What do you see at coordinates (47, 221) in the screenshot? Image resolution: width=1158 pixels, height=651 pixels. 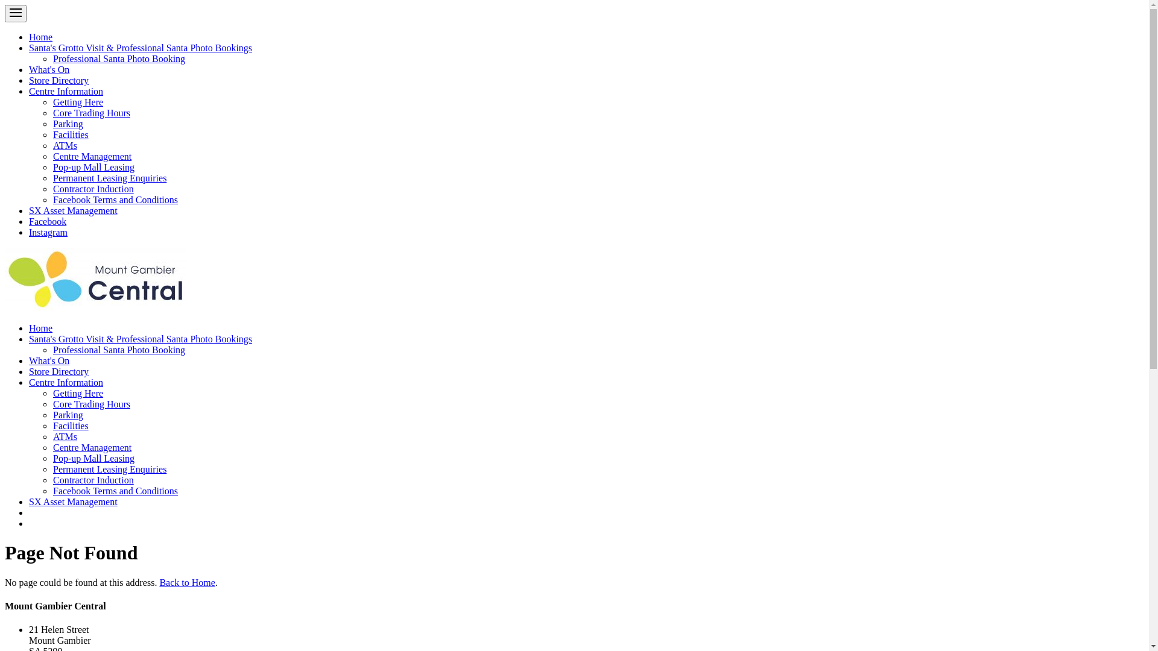 I see `'Facebook'` at bounding box center [47, 221].